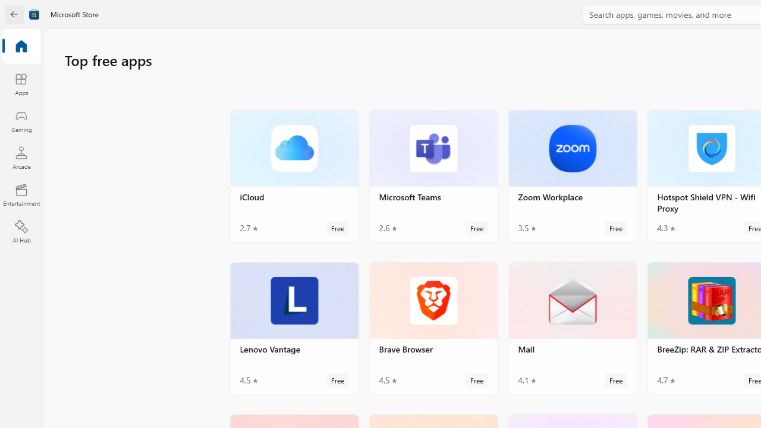 The height and width of the screenshot is (428, 761). I want to click on 'Back', so click(14, 14).